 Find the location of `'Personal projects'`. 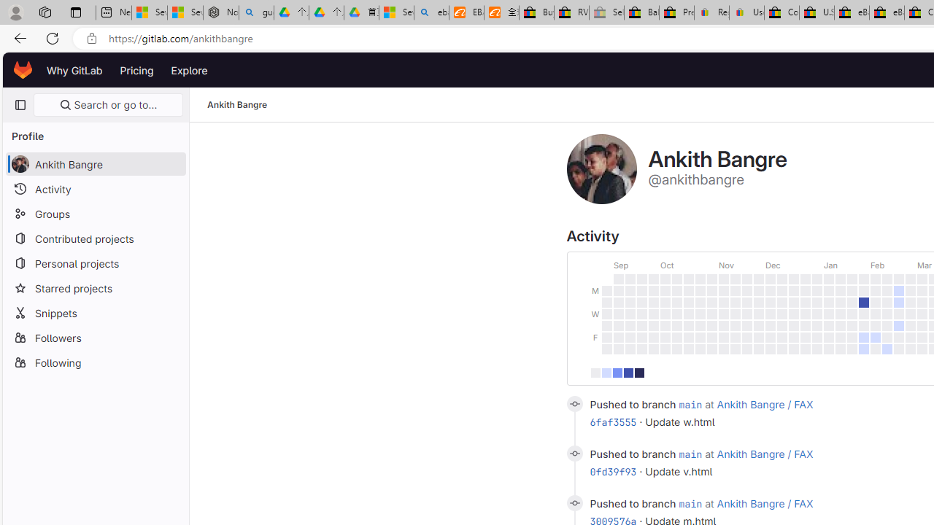

'Personal projects' is located at coordinates (95, 263).